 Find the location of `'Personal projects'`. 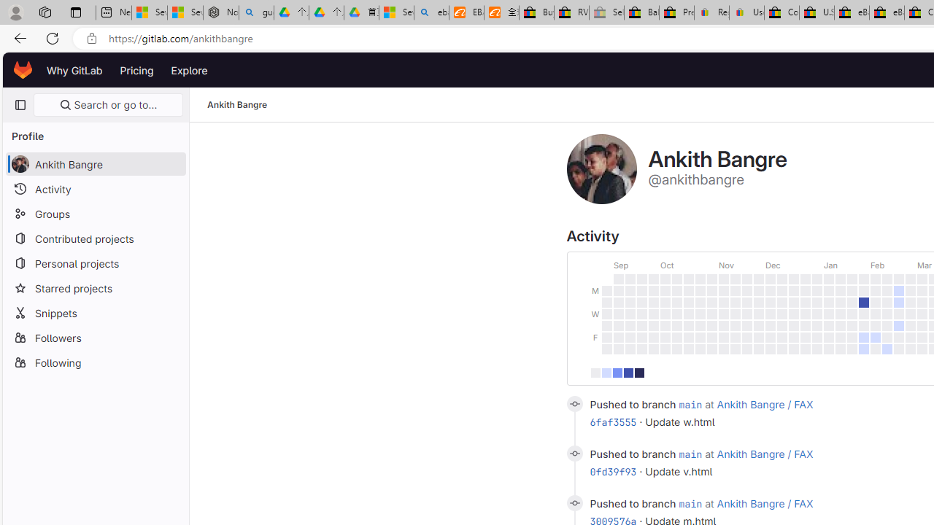

'Personal projects' is located at coordinates (95, 263).